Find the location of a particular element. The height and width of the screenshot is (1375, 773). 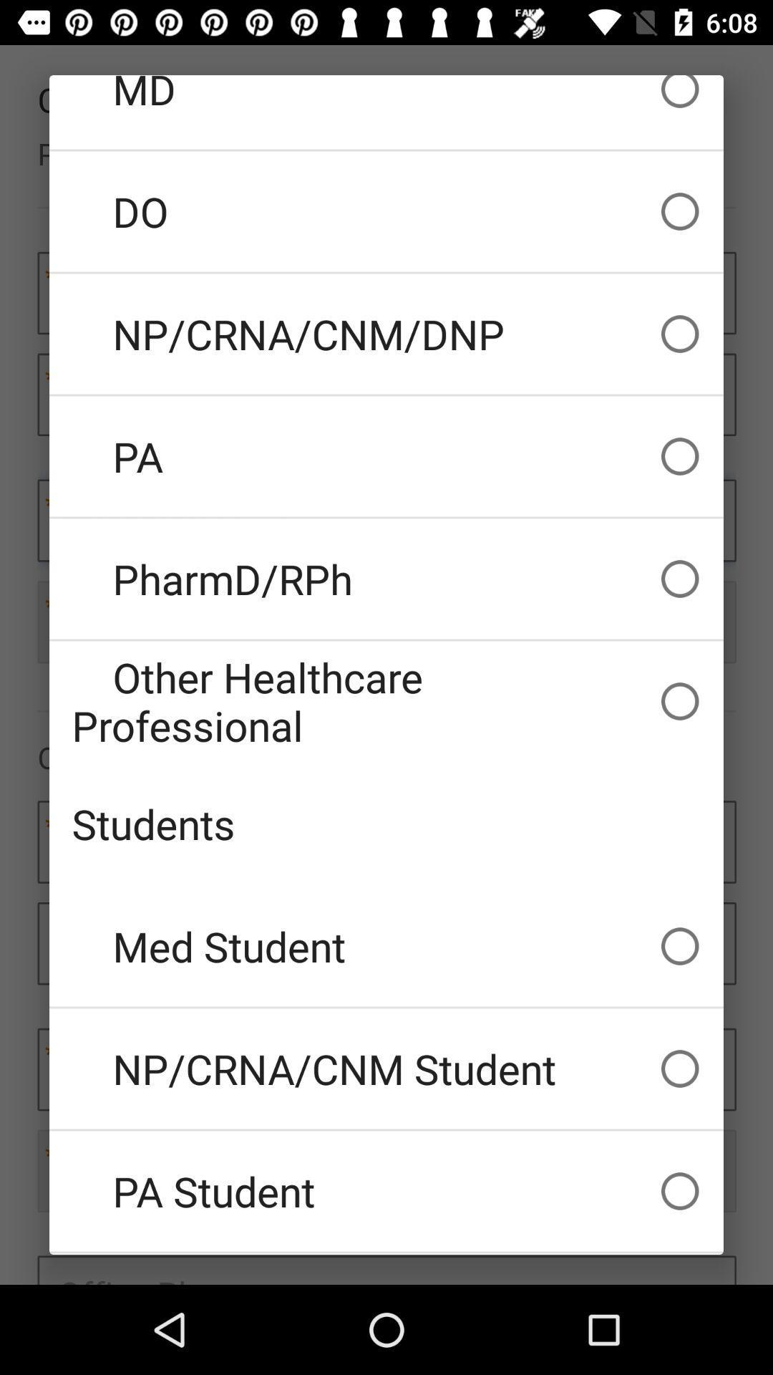

item below np crna cnm icon is located at coordinates (386, 1191).